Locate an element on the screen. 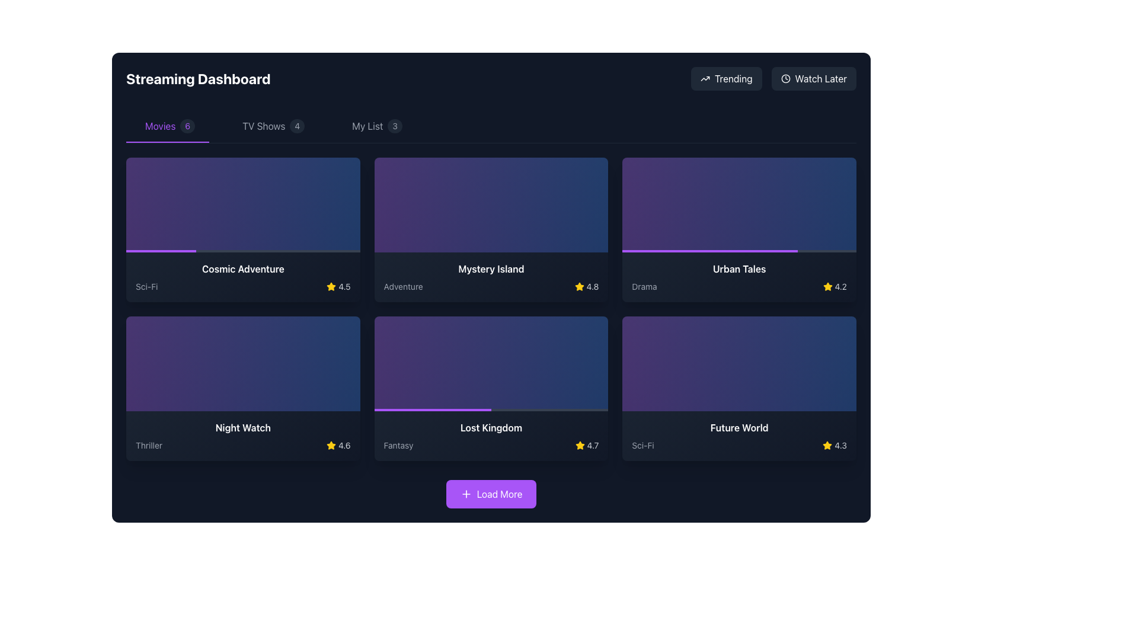 The image size is (1138, 640). the visual banner section of the 'Mystery Island' movie card located in the top row, second column under the 'Movies' section is located at coordinates (491, 204).